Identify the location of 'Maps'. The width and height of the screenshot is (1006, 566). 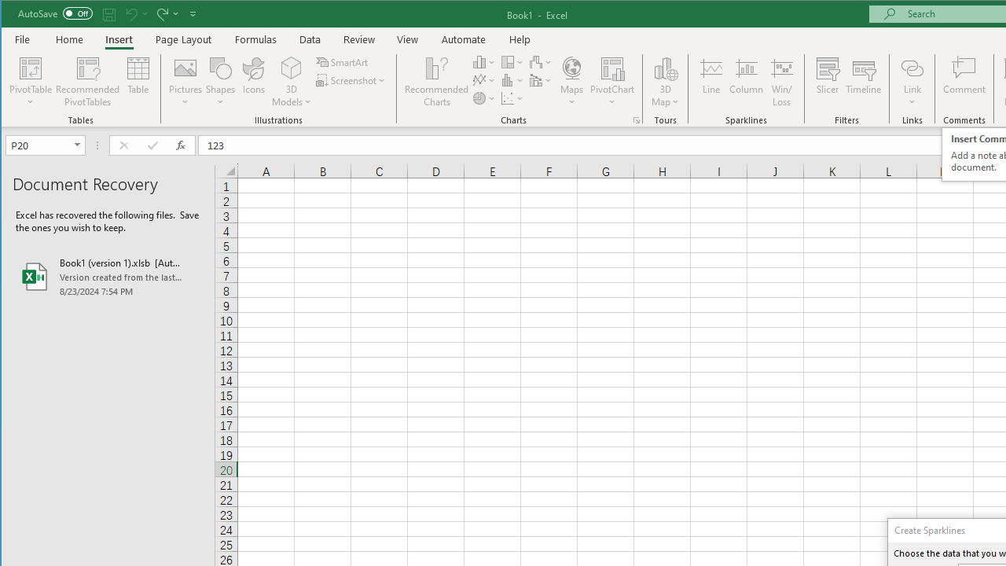
(571, 82).